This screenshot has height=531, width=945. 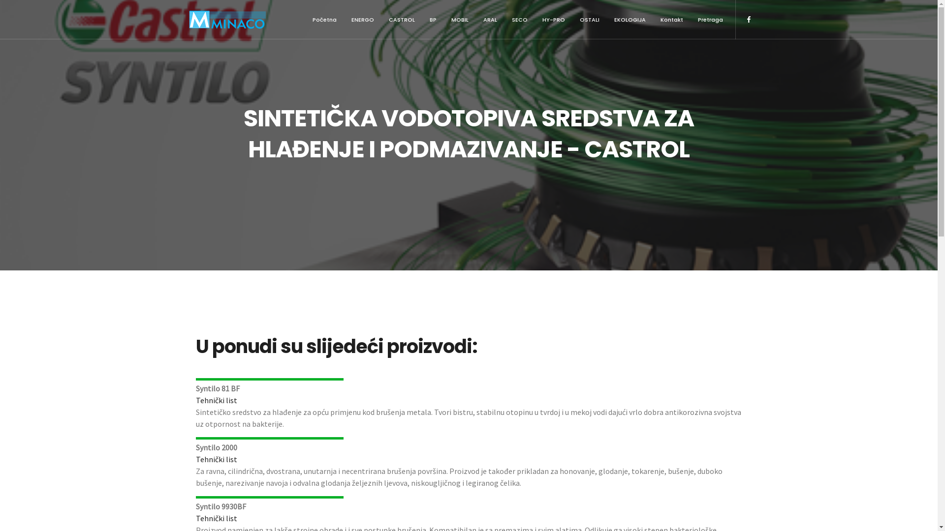 What do you see at coordinates (433, 19) in the screenshot?
I see `'BP'` at bounding box center [433, 19].